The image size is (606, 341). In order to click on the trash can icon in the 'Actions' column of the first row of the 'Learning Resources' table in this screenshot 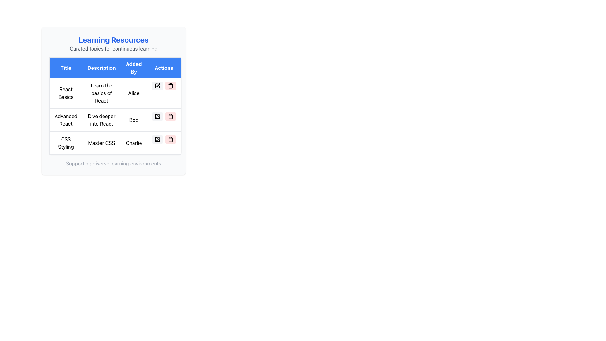, I will do `click(170, 86)`.